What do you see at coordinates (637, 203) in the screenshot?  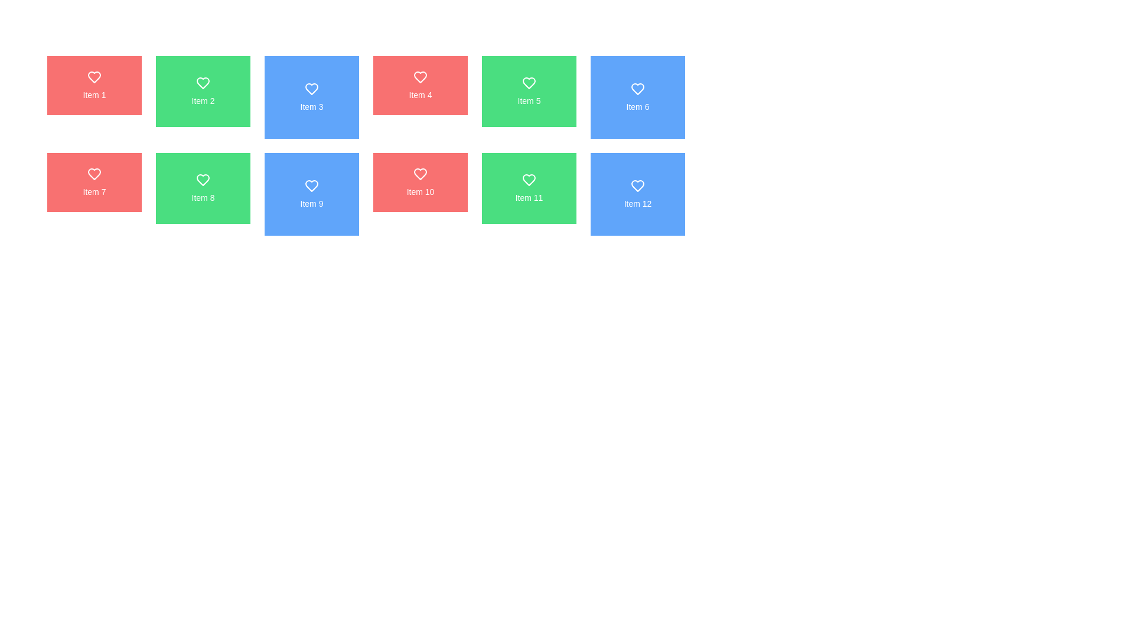 I see `text label identifying Item 12, located in the last row and third from the left in the grid layout` at bounding box center [637, 203].